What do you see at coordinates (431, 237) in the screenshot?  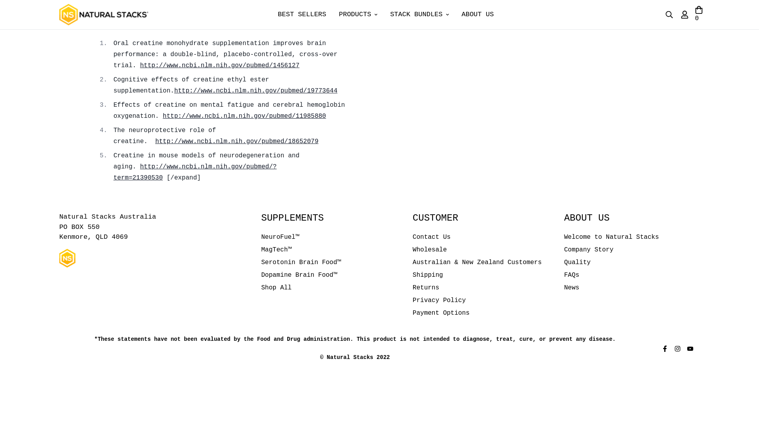 I see `'Contact Us'` at bounding box center [431, 237].